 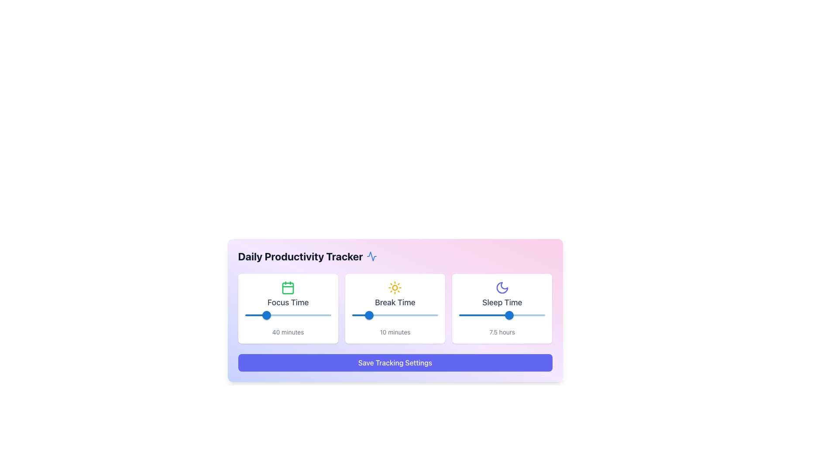 What do you see at coordinates (395, 363) in the screenshot?
I see `the 'Save Tracking Settings' button, which is a rectangular button with a blue background and white text located at the bottom of the 'Daily Productivity Tracker' card` at bounding box center [395, 363].